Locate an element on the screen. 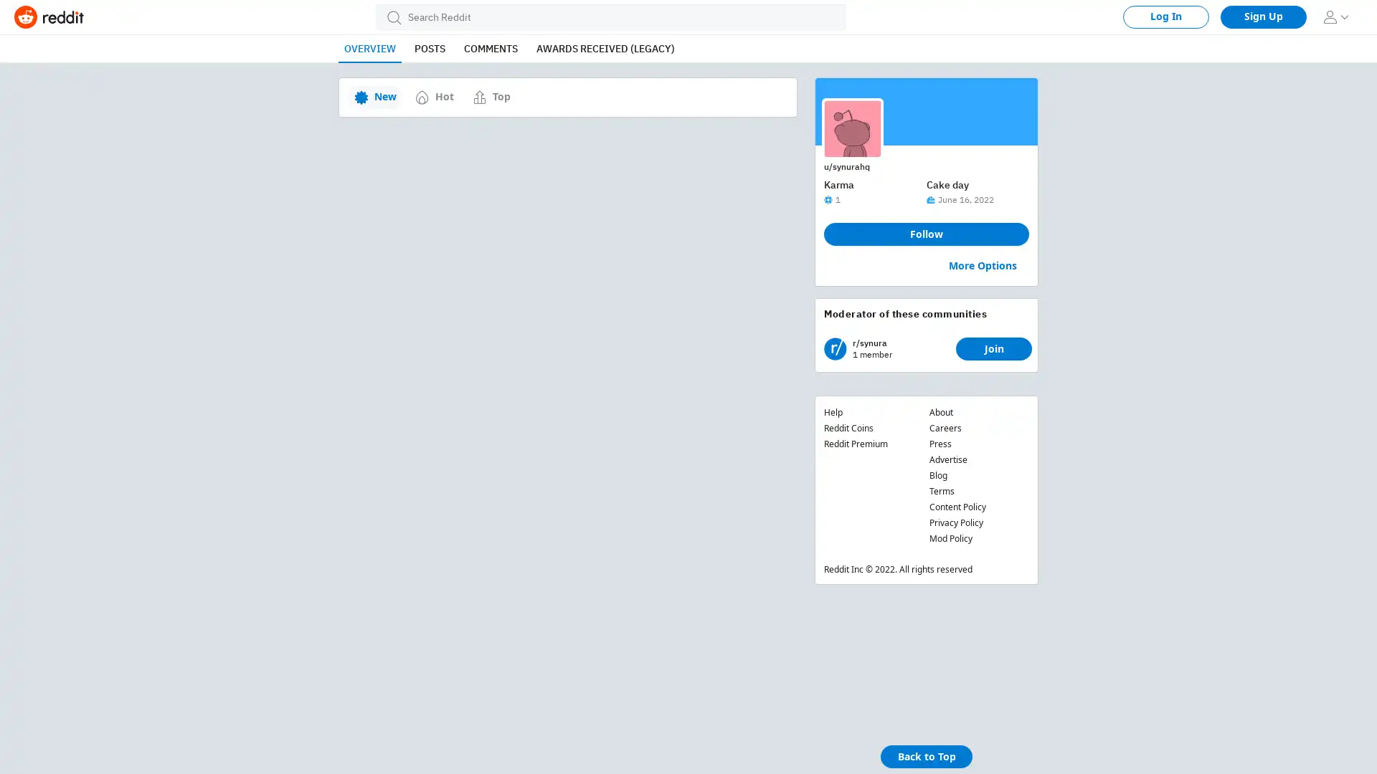 This screenshot has height=774, width=1377. Back to Top is located at coordinates (926, 756).